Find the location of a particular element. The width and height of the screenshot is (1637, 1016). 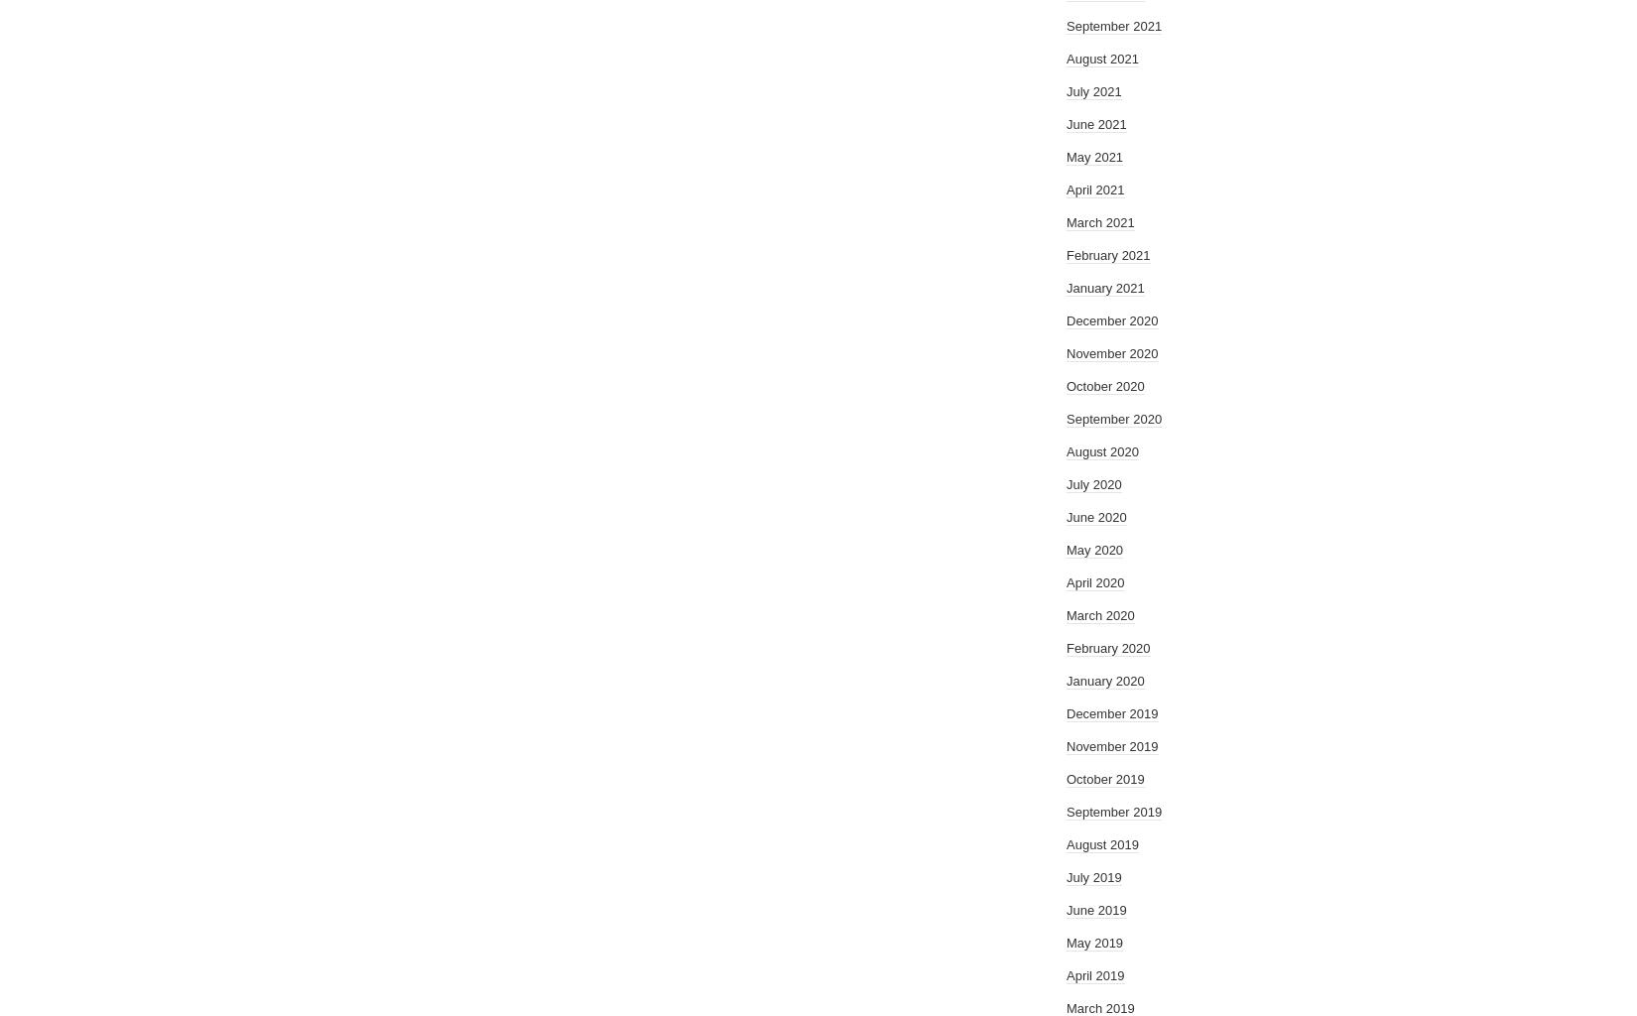

'January 2020' is located at coordinates (1105, 681).